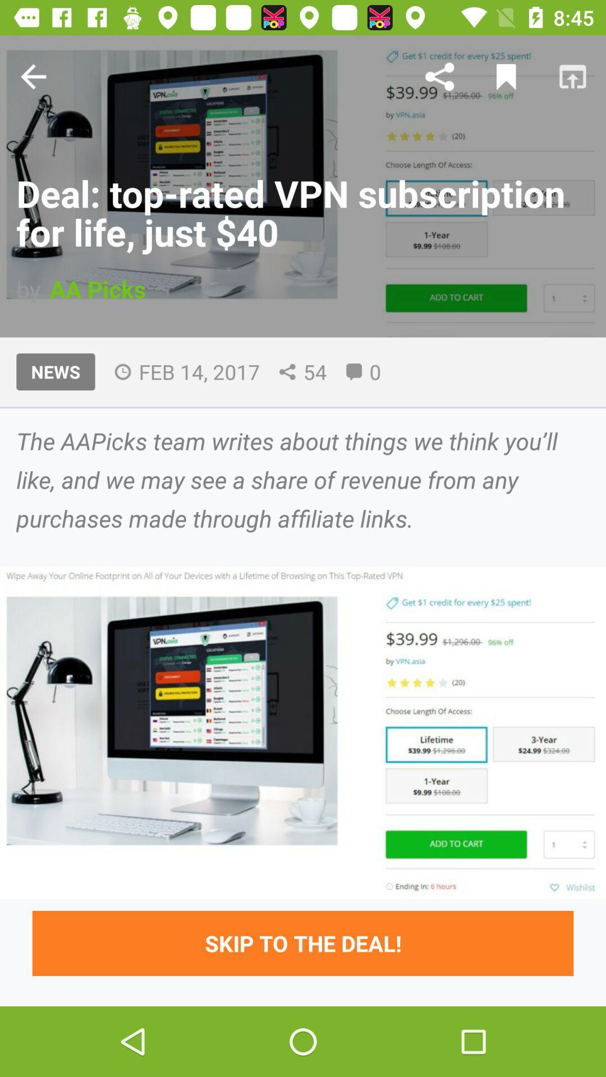 This screenshot has width=606, height=1077. What do you see at coordinates (303, 942) in the screenshot?
I see `the skip to the icon` at bounding box center [303, 942].